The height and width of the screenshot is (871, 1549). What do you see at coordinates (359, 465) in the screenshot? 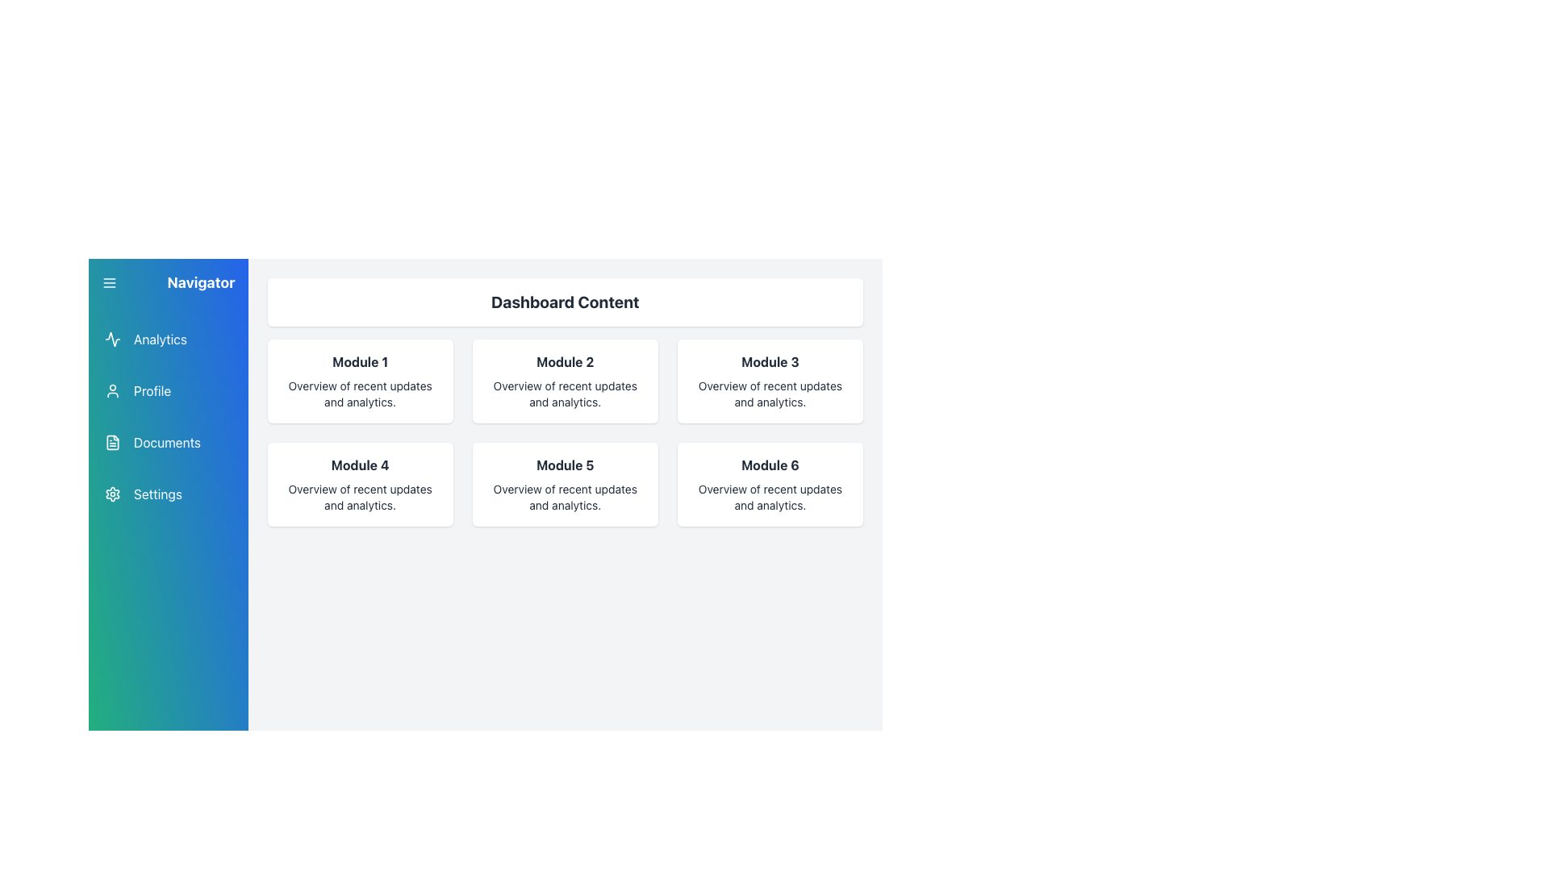
I see `the bold text 'Module 4' located in the top-left card of the second row in a grid of six cards, which is styled with a noticeable font weight and aligned at the top of a white card with rounded corners` at bounding box center [359, 465].